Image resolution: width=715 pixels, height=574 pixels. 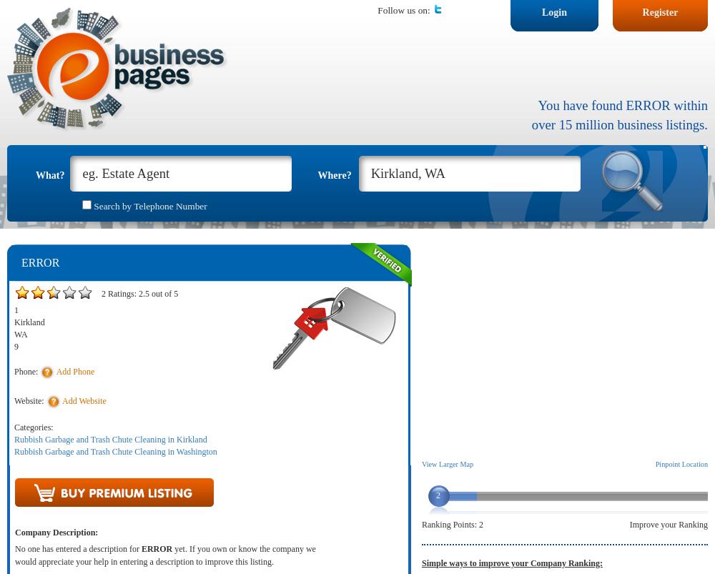 I want to click on 'yet. If you own or know the company we would appreciate your help in entering a description to improve this listing.', so click(x=164, y=554).